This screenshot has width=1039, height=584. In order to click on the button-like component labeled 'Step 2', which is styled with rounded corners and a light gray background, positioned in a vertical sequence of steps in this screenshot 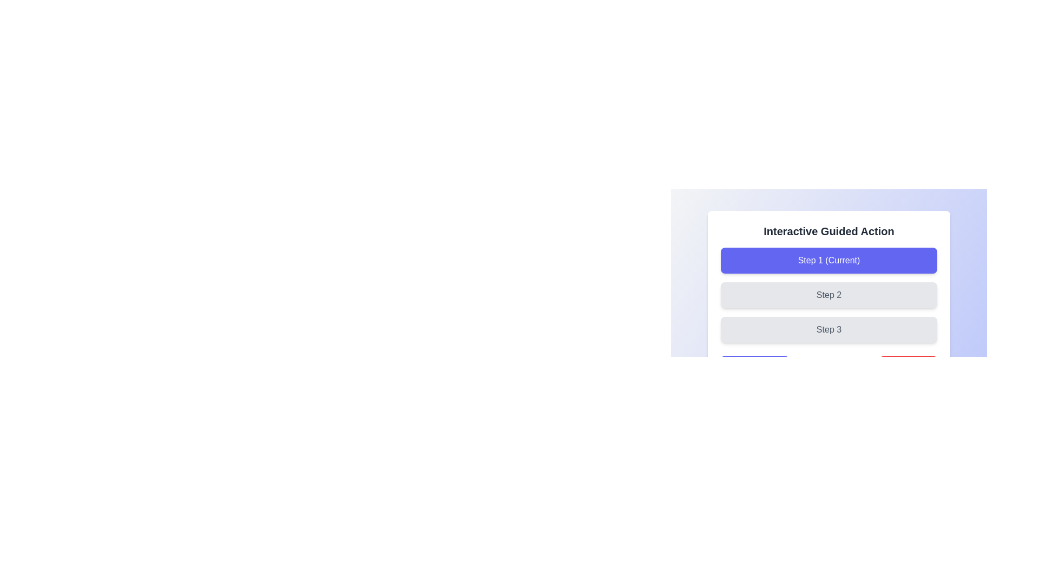, I will do `click(828, 295)`.